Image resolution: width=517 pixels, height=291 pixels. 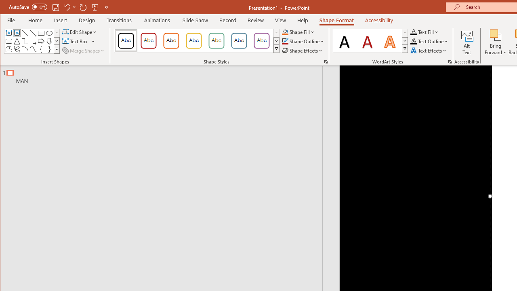 I want to click on 'Shape Format', so click(x=336, y=20).